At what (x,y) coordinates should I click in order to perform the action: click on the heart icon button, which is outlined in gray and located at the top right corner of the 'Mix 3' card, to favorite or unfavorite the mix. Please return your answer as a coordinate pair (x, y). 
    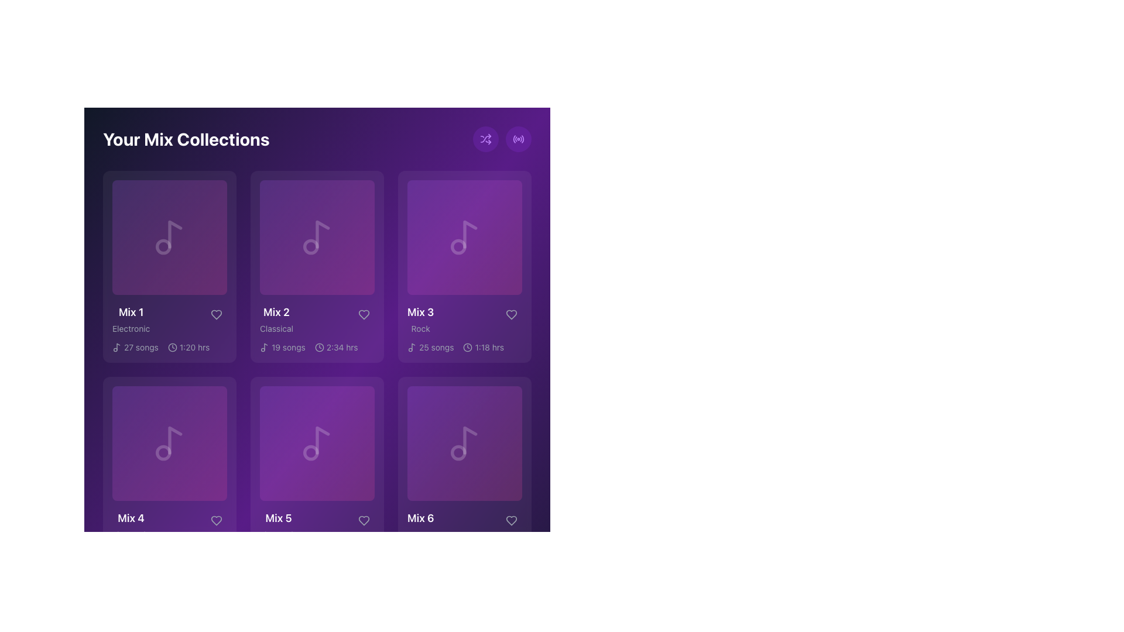
    Looking at the image, I should click on (511, 314).